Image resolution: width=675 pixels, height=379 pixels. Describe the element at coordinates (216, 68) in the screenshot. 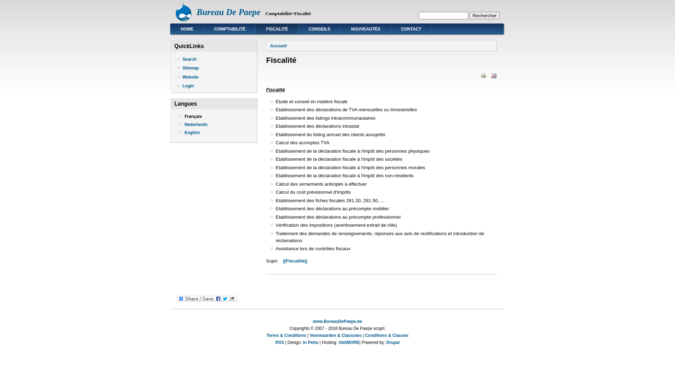

I see `'Sitemap'` at that location.